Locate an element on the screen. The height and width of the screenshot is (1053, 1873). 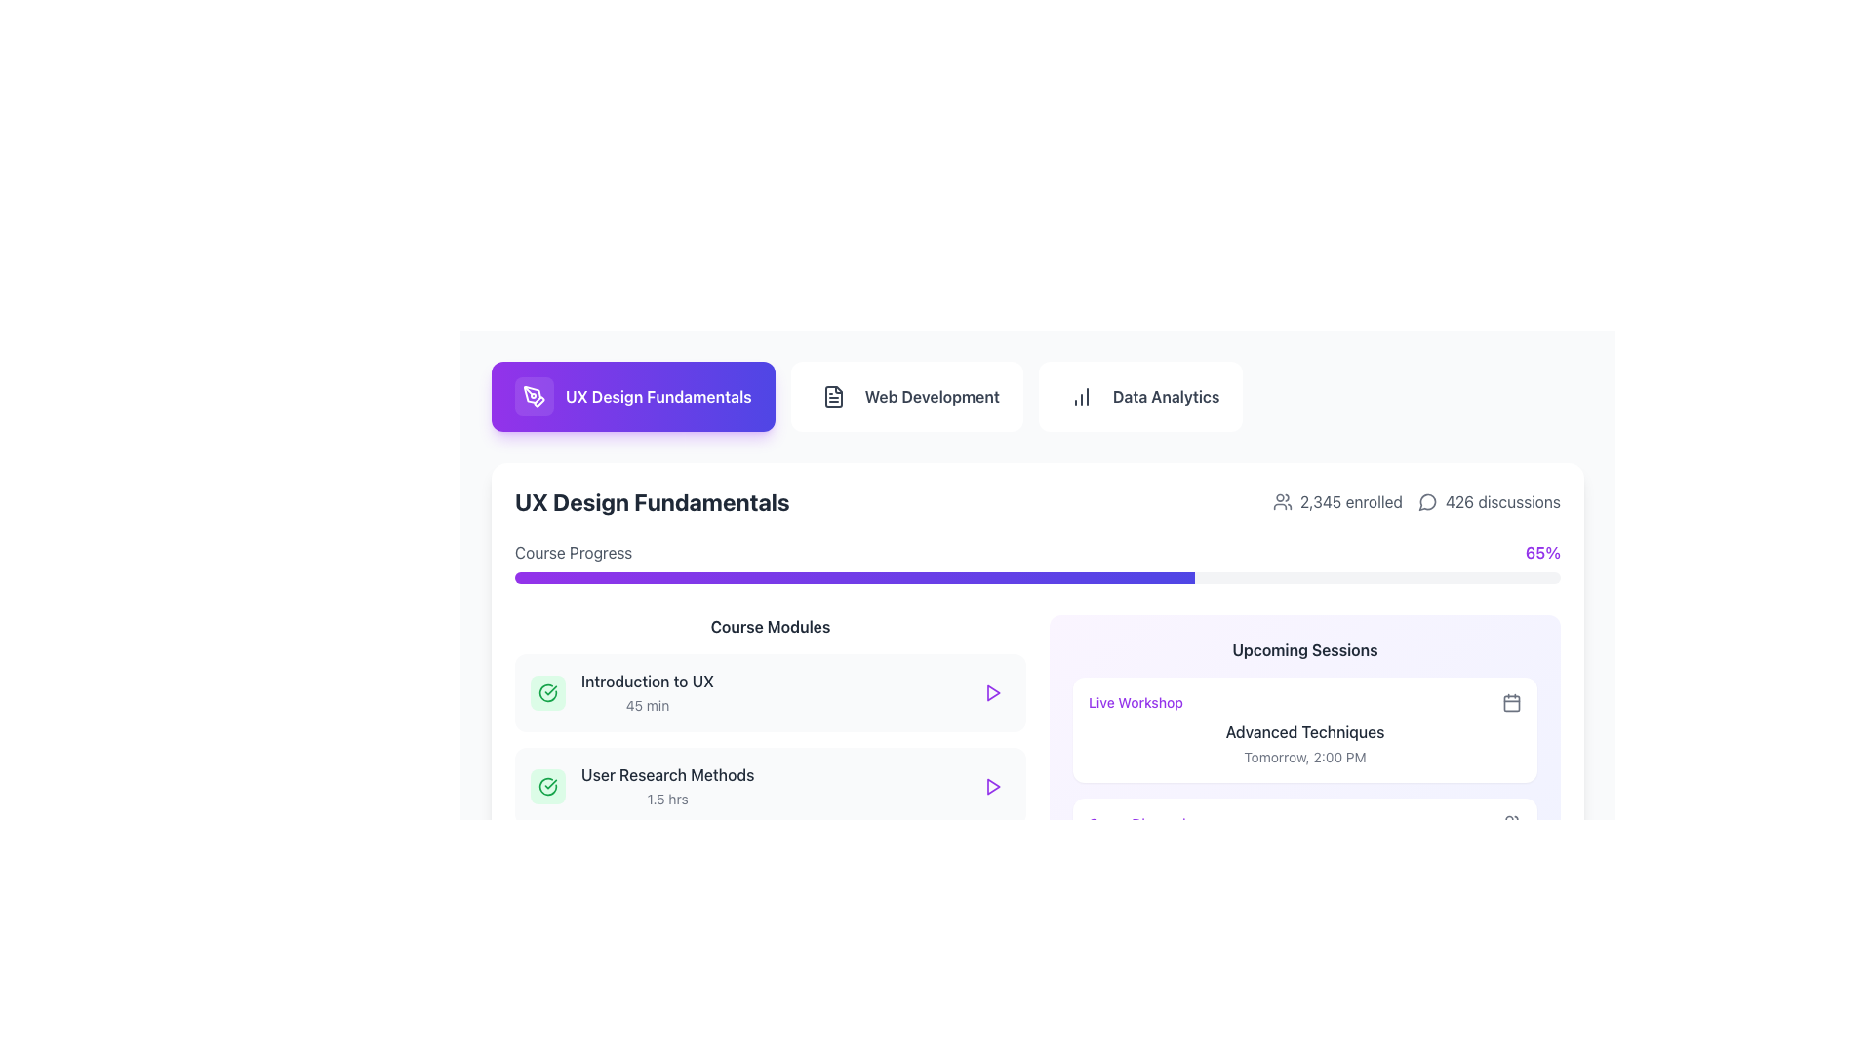
the course module card titled 'User Research Methods', which is the second card in the 'Course Modules' section, positioned between 'Introduction to UX' and 'Wireframing Basics' is located at coordinates (770, 785).